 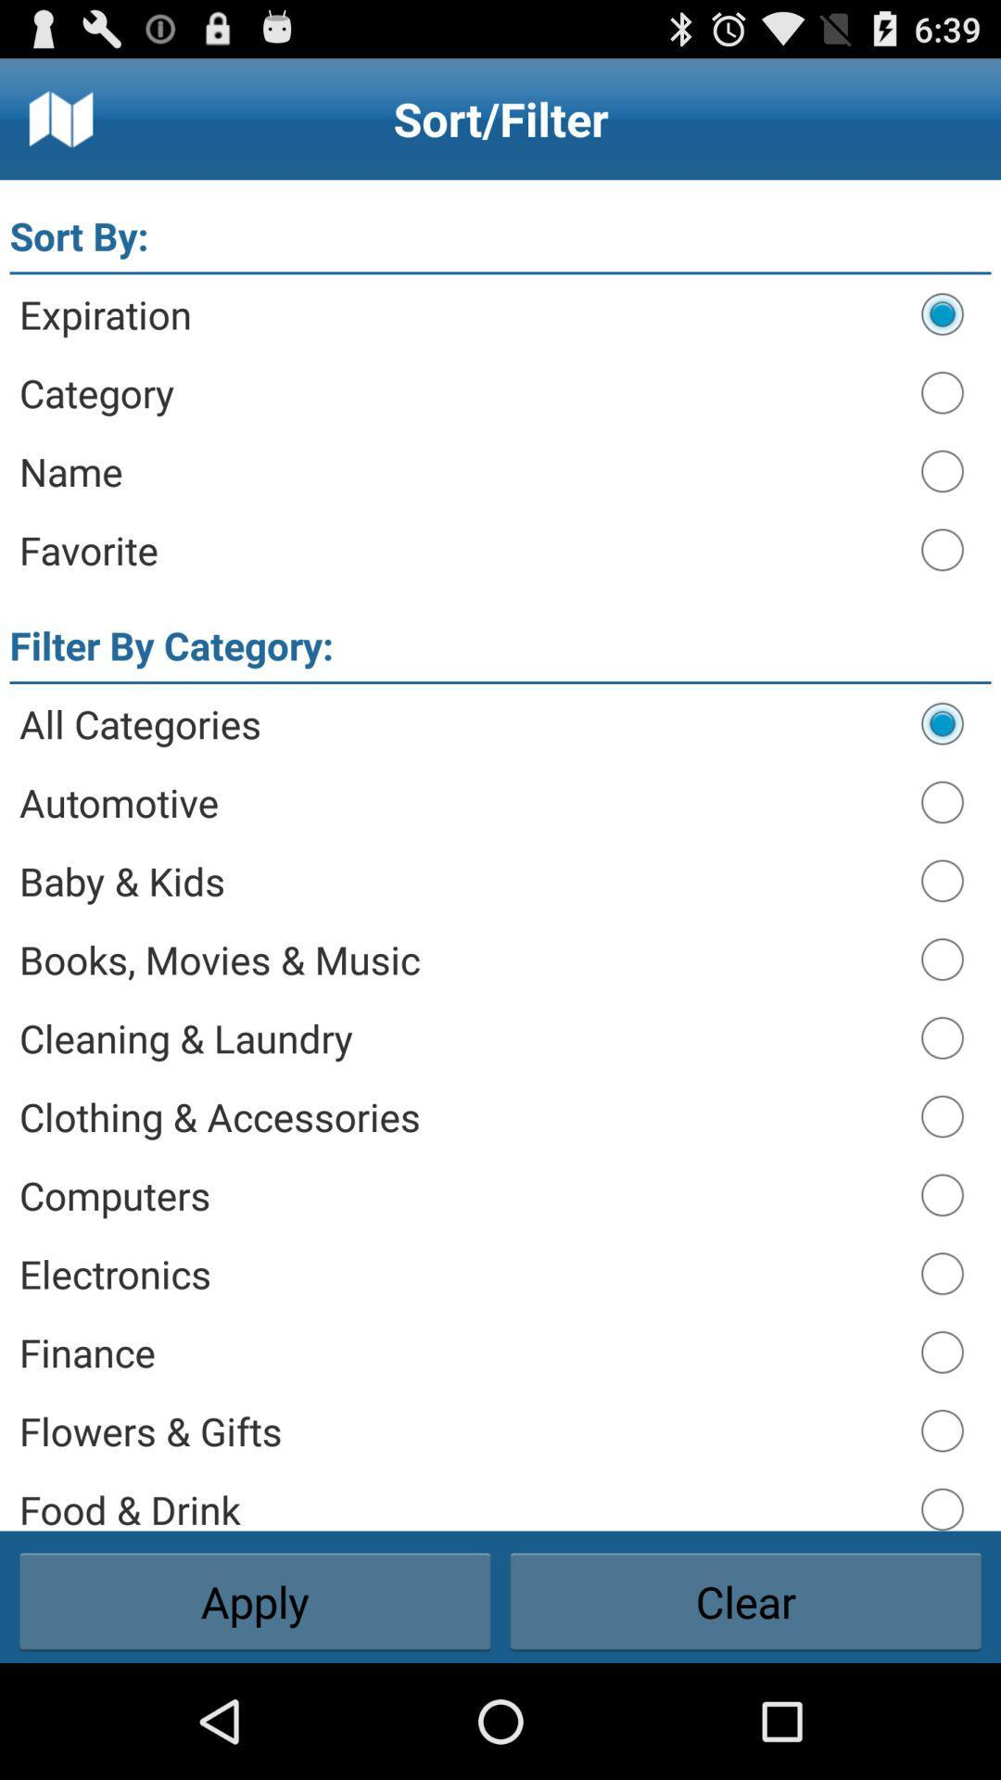 What do you see at coordinates (460, 1352) in the screenshot?
I see `the finance item` at bounding box center [460, 1352].